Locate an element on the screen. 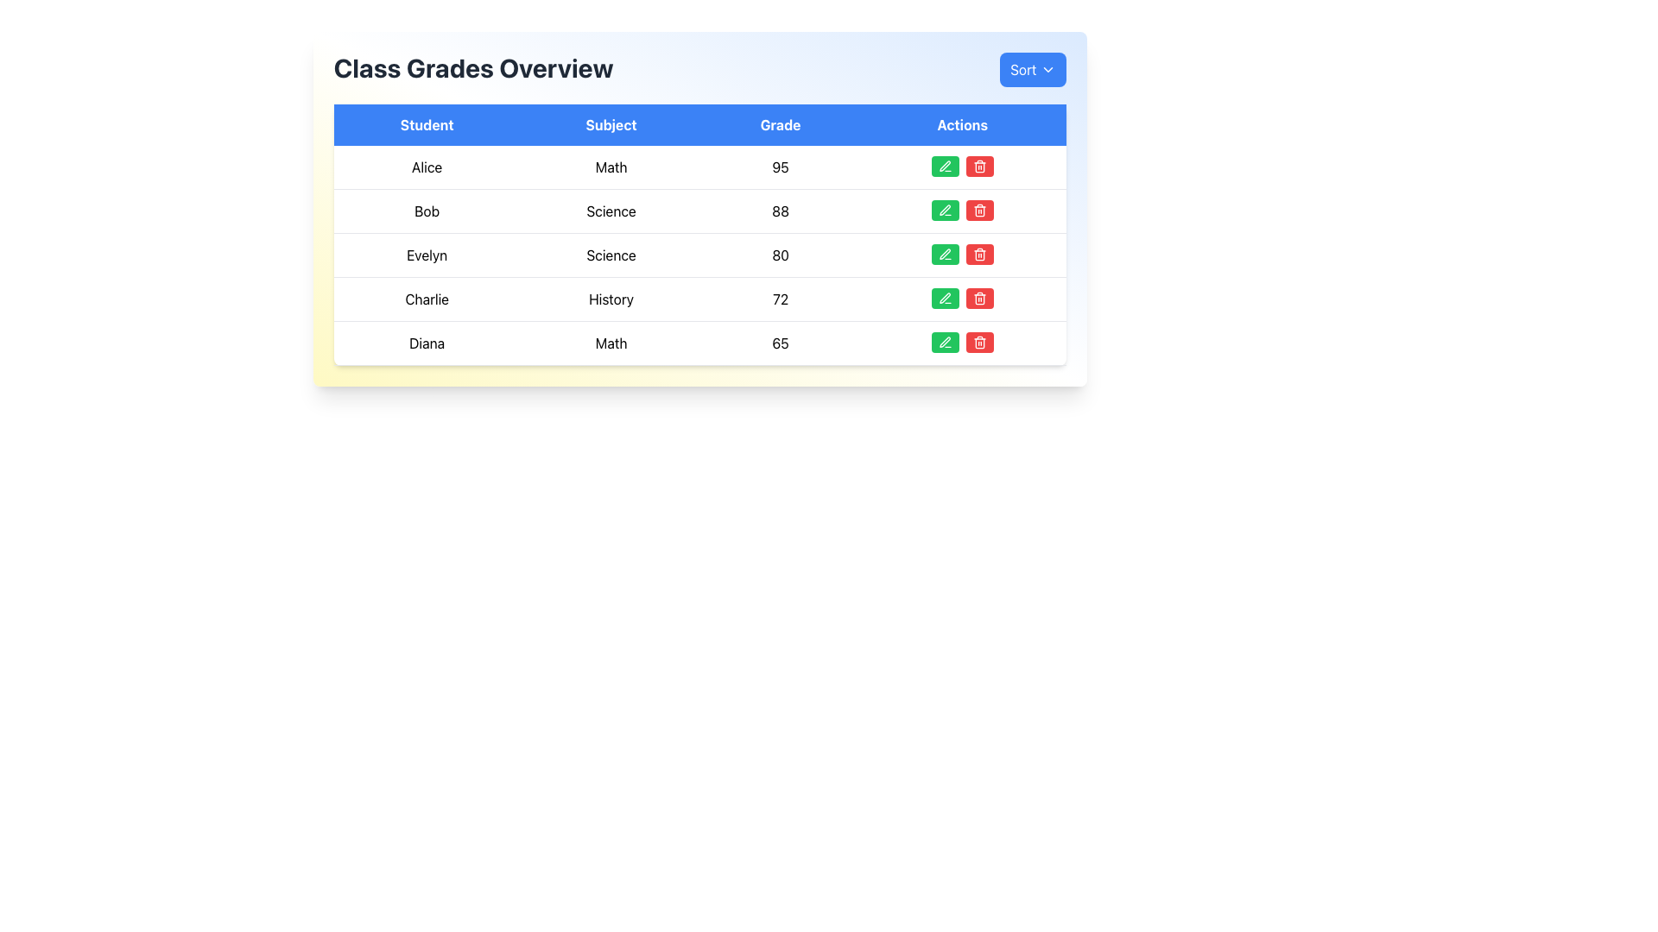 The image size is (1658, 932). the static text label 'Evelyn', which is located in the second row under the 'Student' column of the table in the 'Class Grades Overview' is located at coordinates (427, 255).